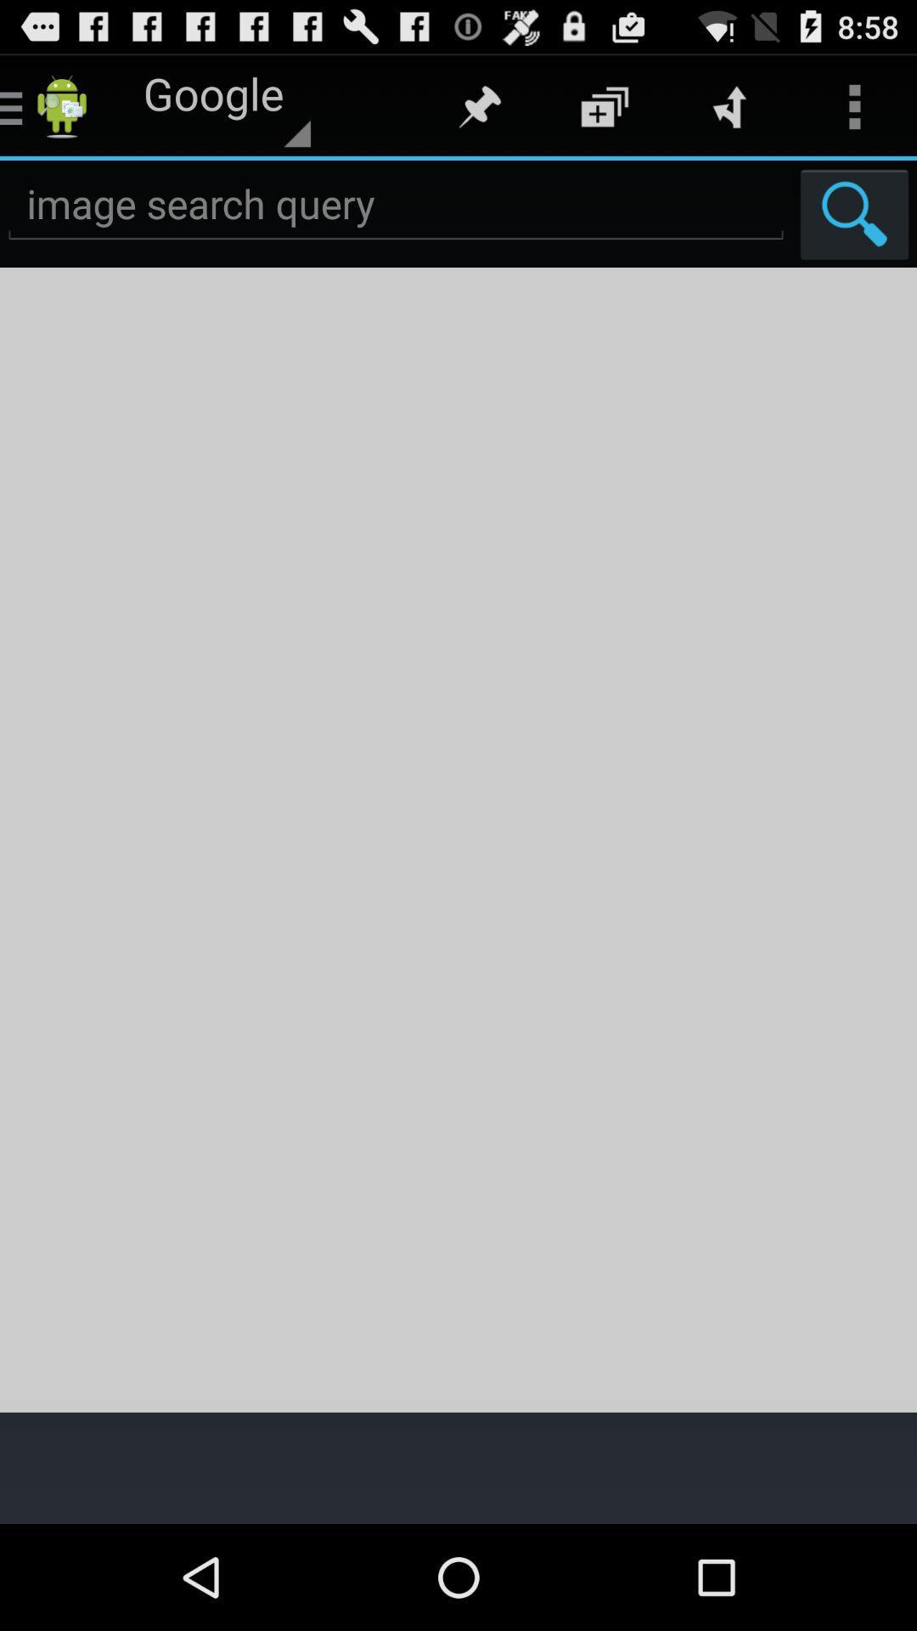 Image resolution: width=917 pixels, height=1631 pixels. Describe the element at coordinates (396, 204) in the screenshot. I see `the search option` at that location.